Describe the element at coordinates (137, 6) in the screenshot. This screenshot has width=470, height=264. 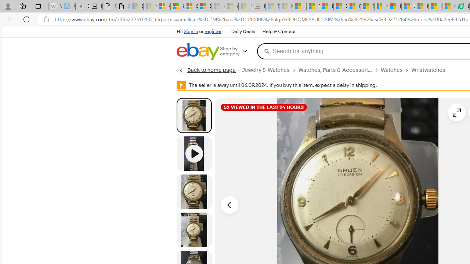
I see `'Sign in to your Microsoft account - Sleeping'` at that location.